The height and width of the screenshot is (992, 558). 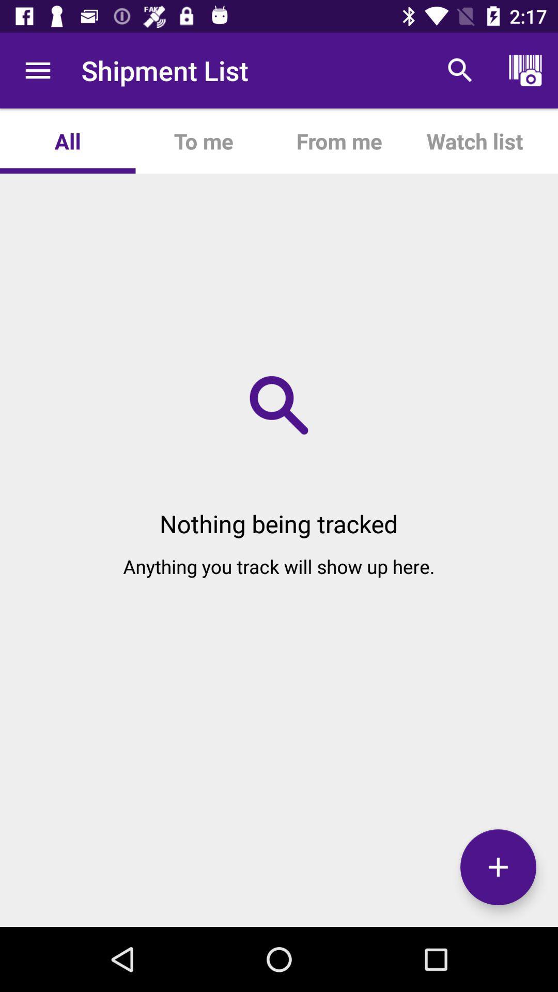 What do you see at coordinates (498, 867) in the screenshot?
I see `the add icon` at bounding box center [498, 867].